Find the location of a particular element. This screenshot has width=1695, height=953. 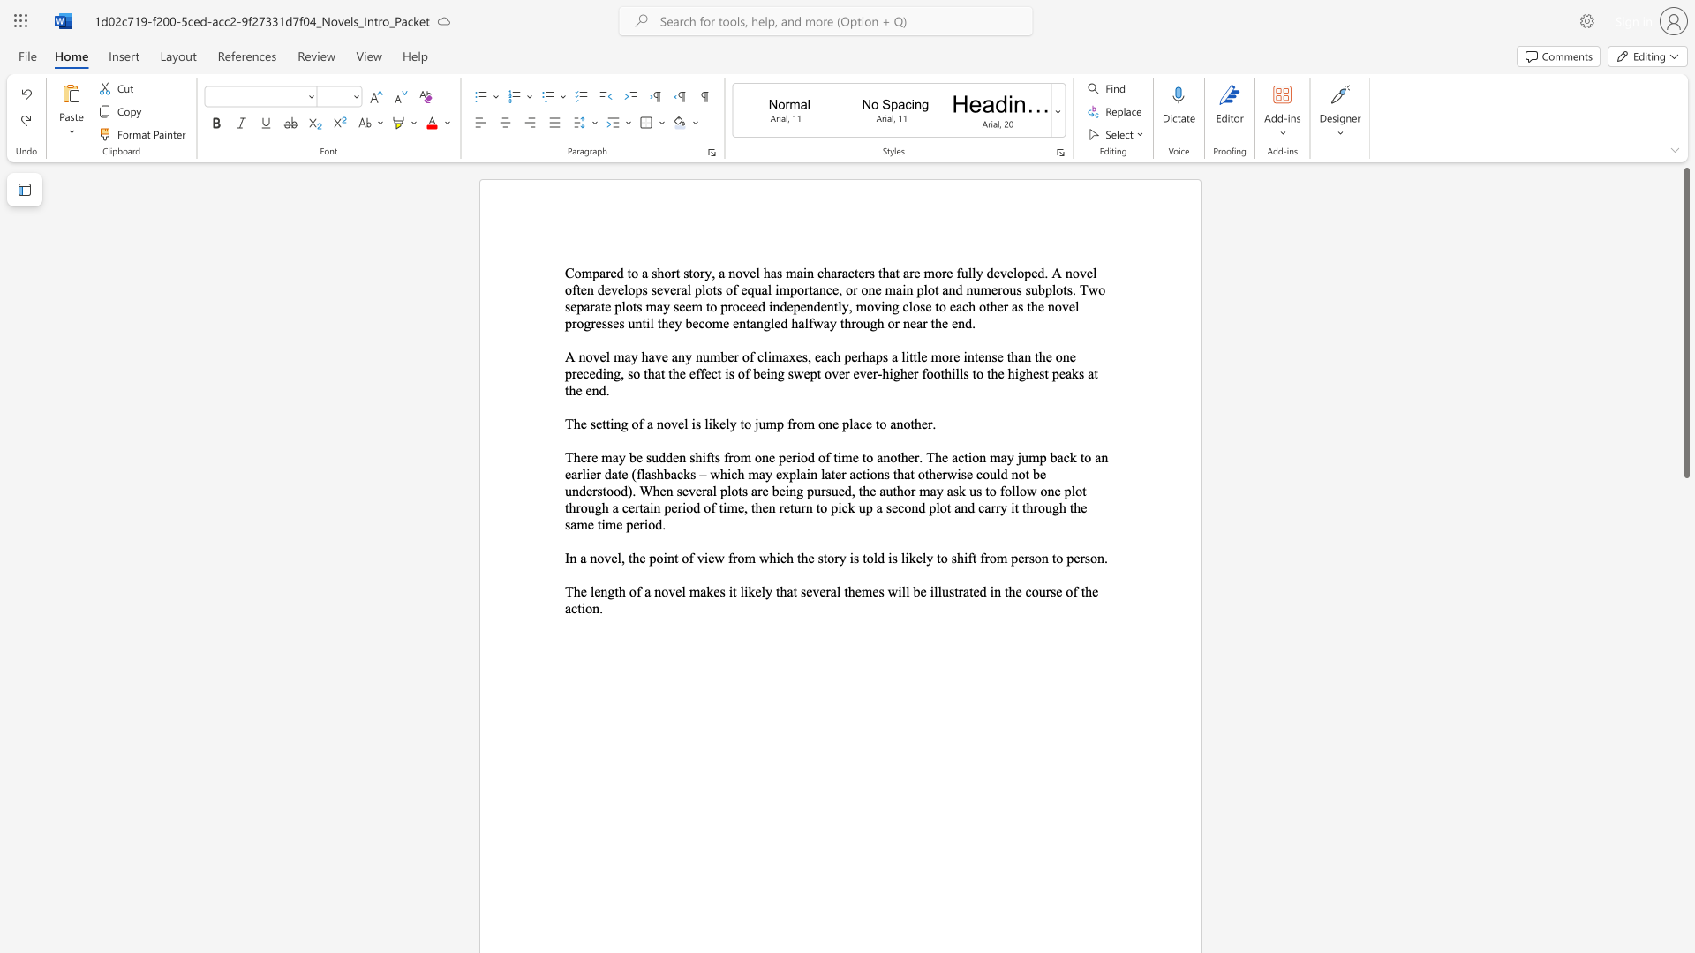

the subset text "rtain period of time, then return to pick up a second plot and carry it thr" within the text "There may be sudden shifts from one period of time to another. The action may jump back to an earlier date (flashbacks – which may explain later actions that otherwise could not be understood). When several plots are being pursued, the author may ask us to follow one plot through a certain period of time, then return to pick up a second plot and carry it through the same time period." is located at coordinates (635, 507).